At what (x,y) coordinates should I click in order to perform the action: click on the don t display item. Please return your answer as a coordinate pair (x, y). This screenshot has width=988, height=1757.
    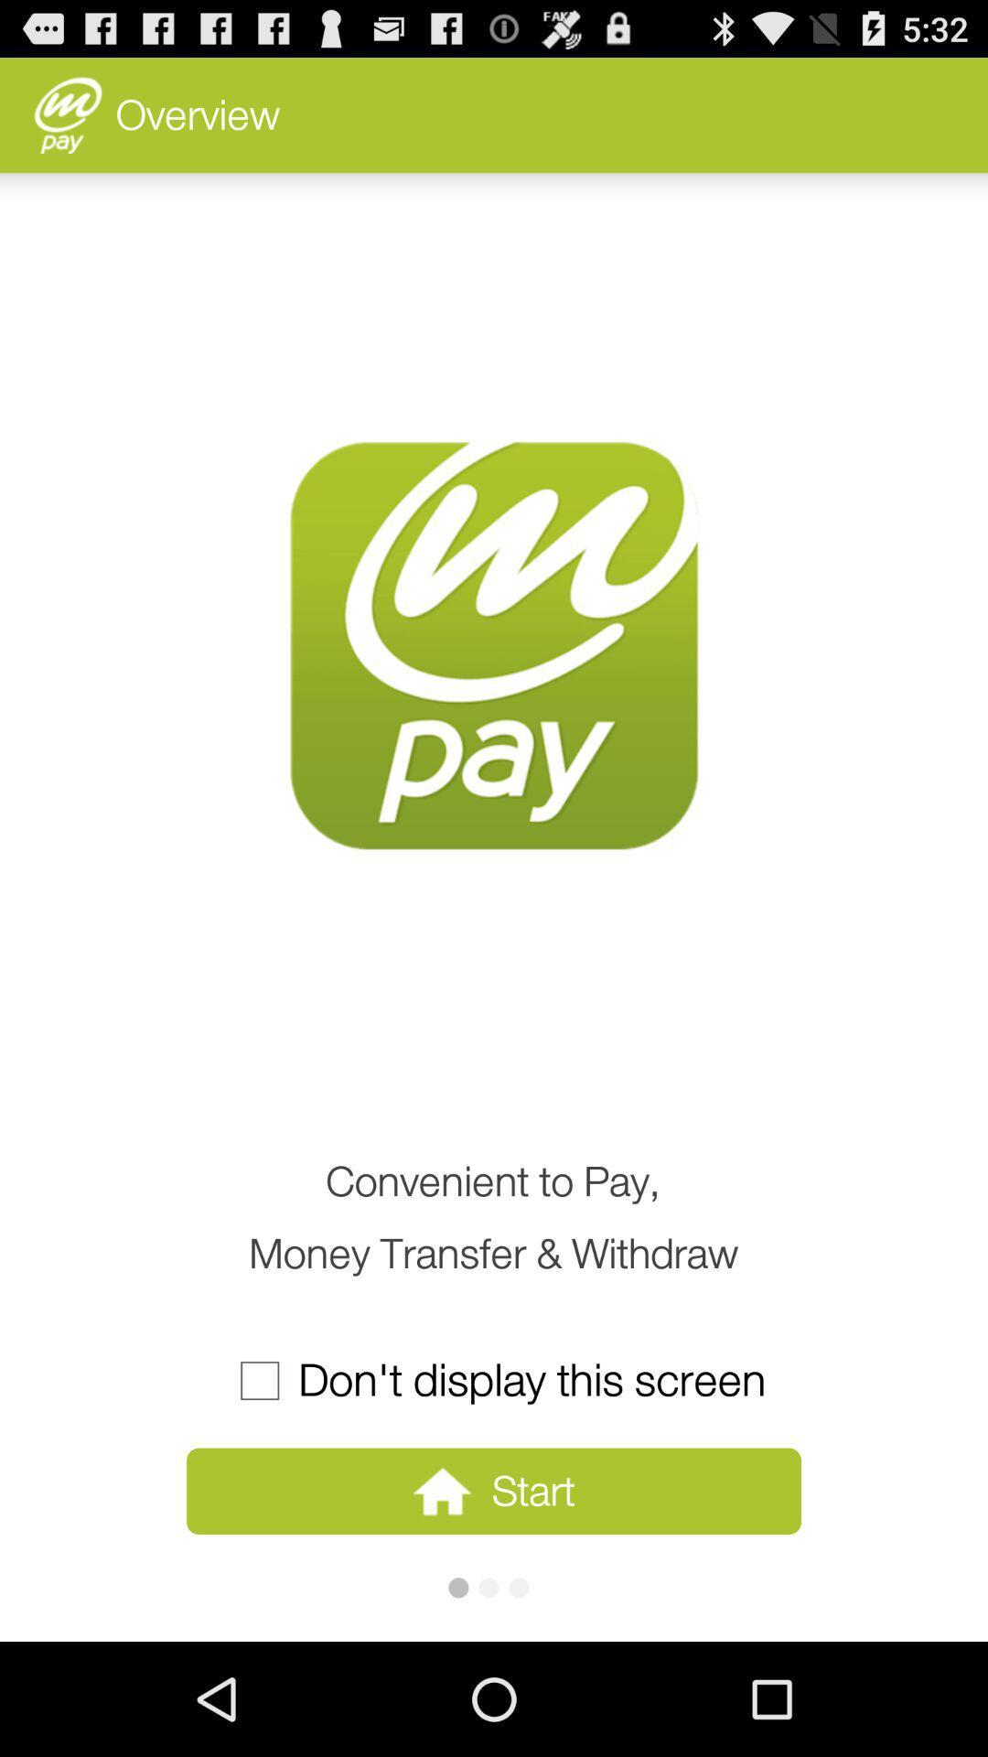
    Looking at the image, I should click on (492, 1380).